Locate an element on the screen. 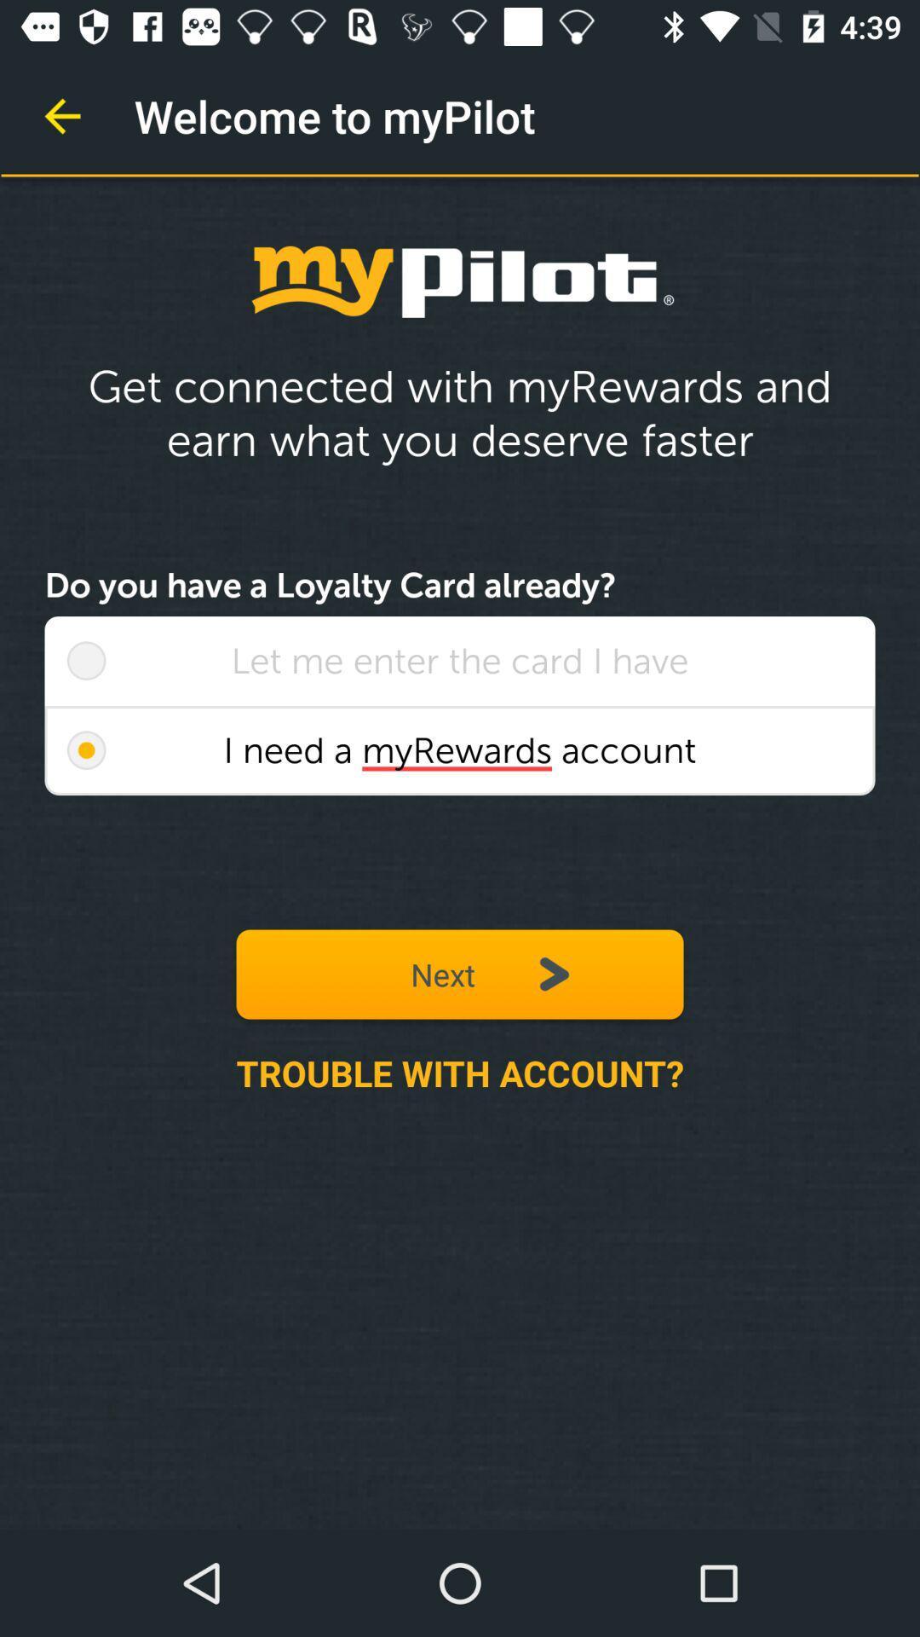  the app to the left of the welcome to mypilot icon is located at coordinates (61, 115).